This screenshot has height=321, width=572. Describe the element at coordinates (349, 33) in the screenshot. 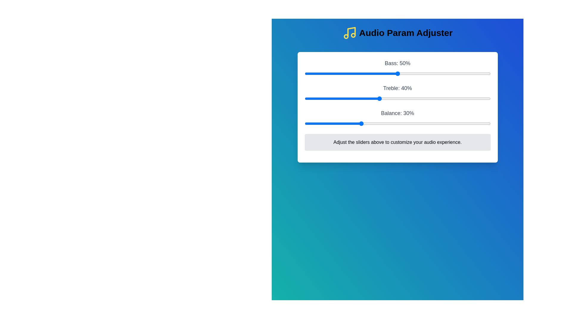

I see `the music note icon next to the 'Audio Param Adjuster' header` at that location.